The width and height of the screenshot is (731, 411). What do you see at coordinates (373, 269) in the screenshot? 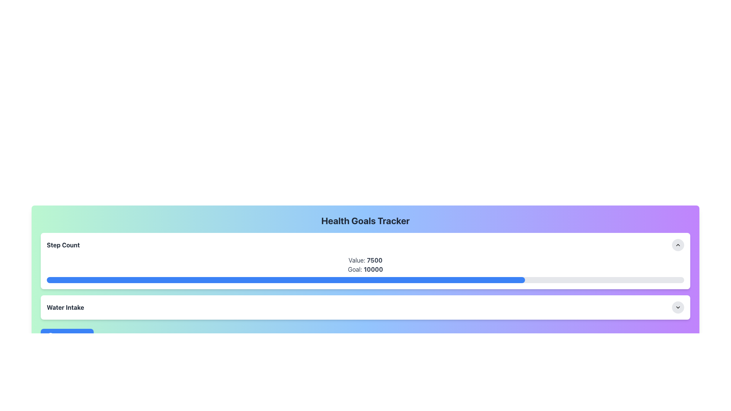
I see `the static text displaying the goal for the metric in the 'Step Count' section, which shows 'Goal: 10000'` at bounding box center [373, 269].